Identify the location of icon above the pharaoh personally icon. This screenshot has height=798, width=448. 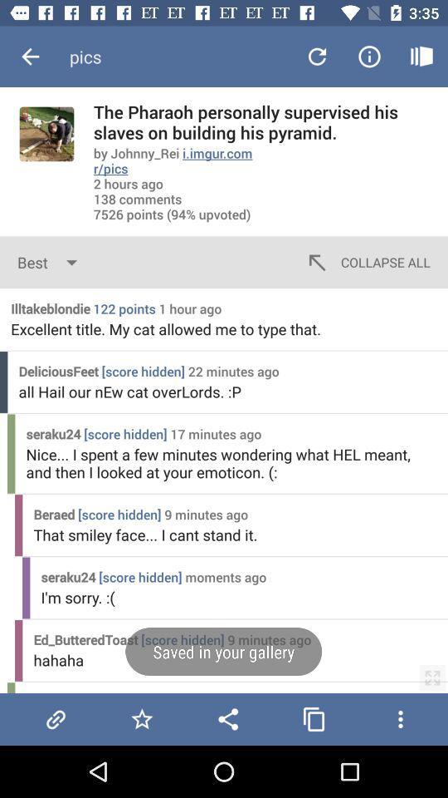
(317, 57).